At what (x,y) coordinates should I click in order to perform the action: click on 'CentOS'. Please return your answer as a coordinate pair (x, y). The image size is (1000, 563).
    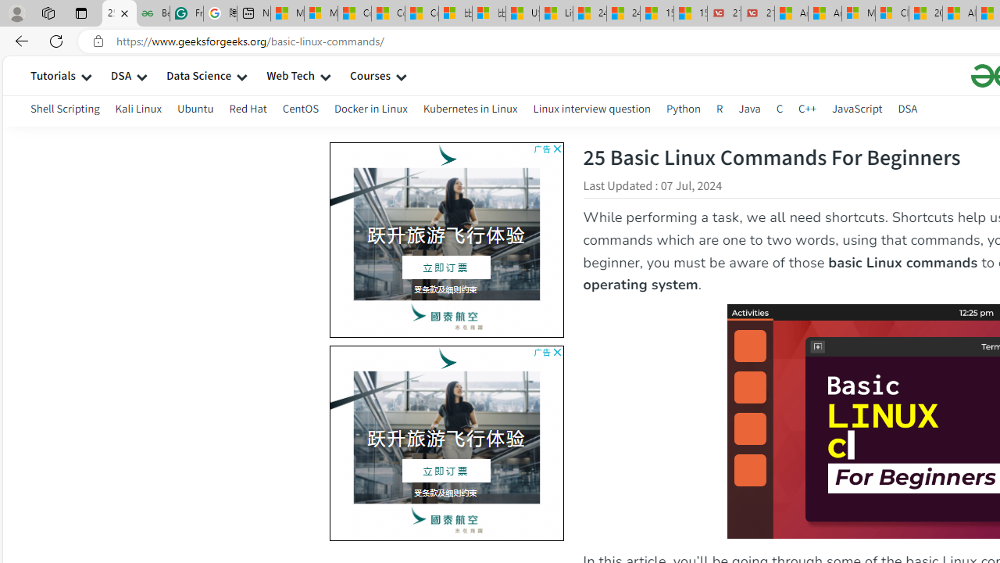
    Looking at the image, I should click on (300, 108).